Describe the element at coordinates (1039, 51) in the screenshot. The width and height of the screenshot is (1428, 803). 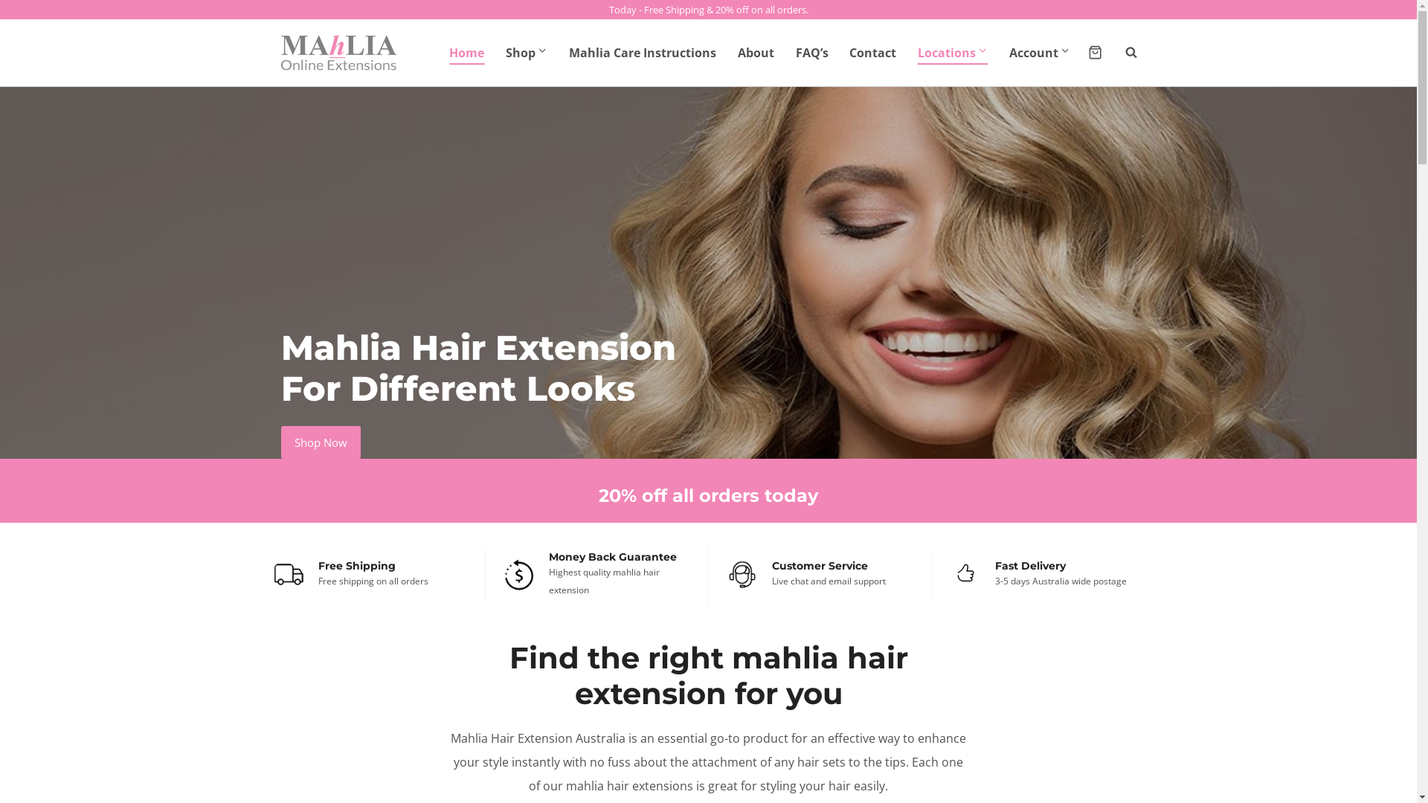
I see `'Account'` at that location.